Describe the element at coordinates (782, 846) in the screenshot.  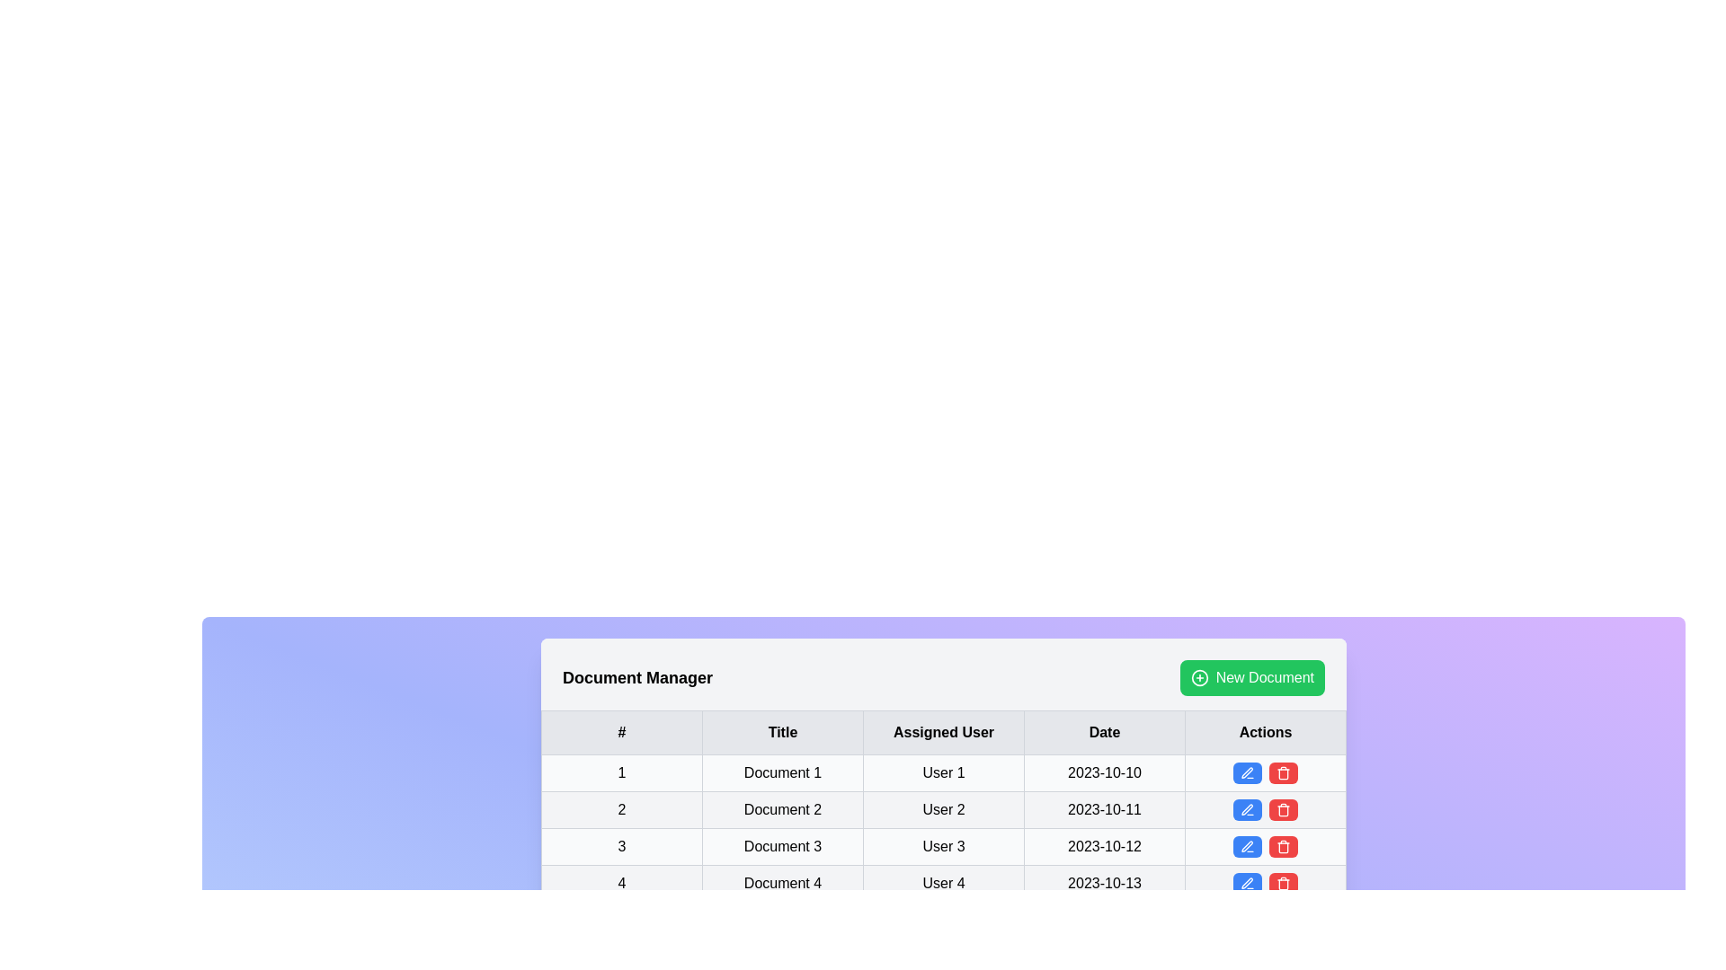
I see `the table cell displaying the document title located in the third row of the 'Document Manager' table under the 'Title' column` at that location.